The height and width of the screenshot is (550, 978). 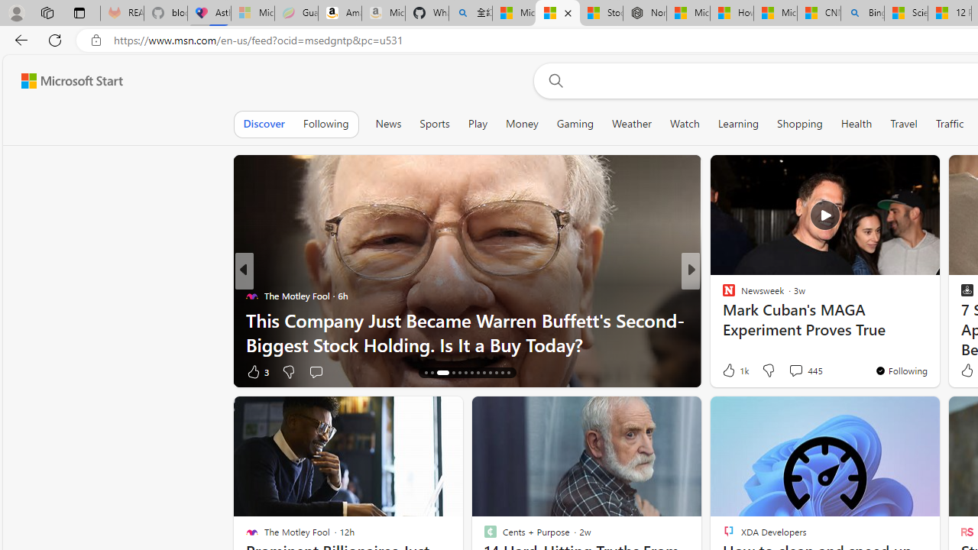 What do you see at coordinates (734, 370) in the screenshot?
I see `'1k Like'` at bounding box center [734, 370].